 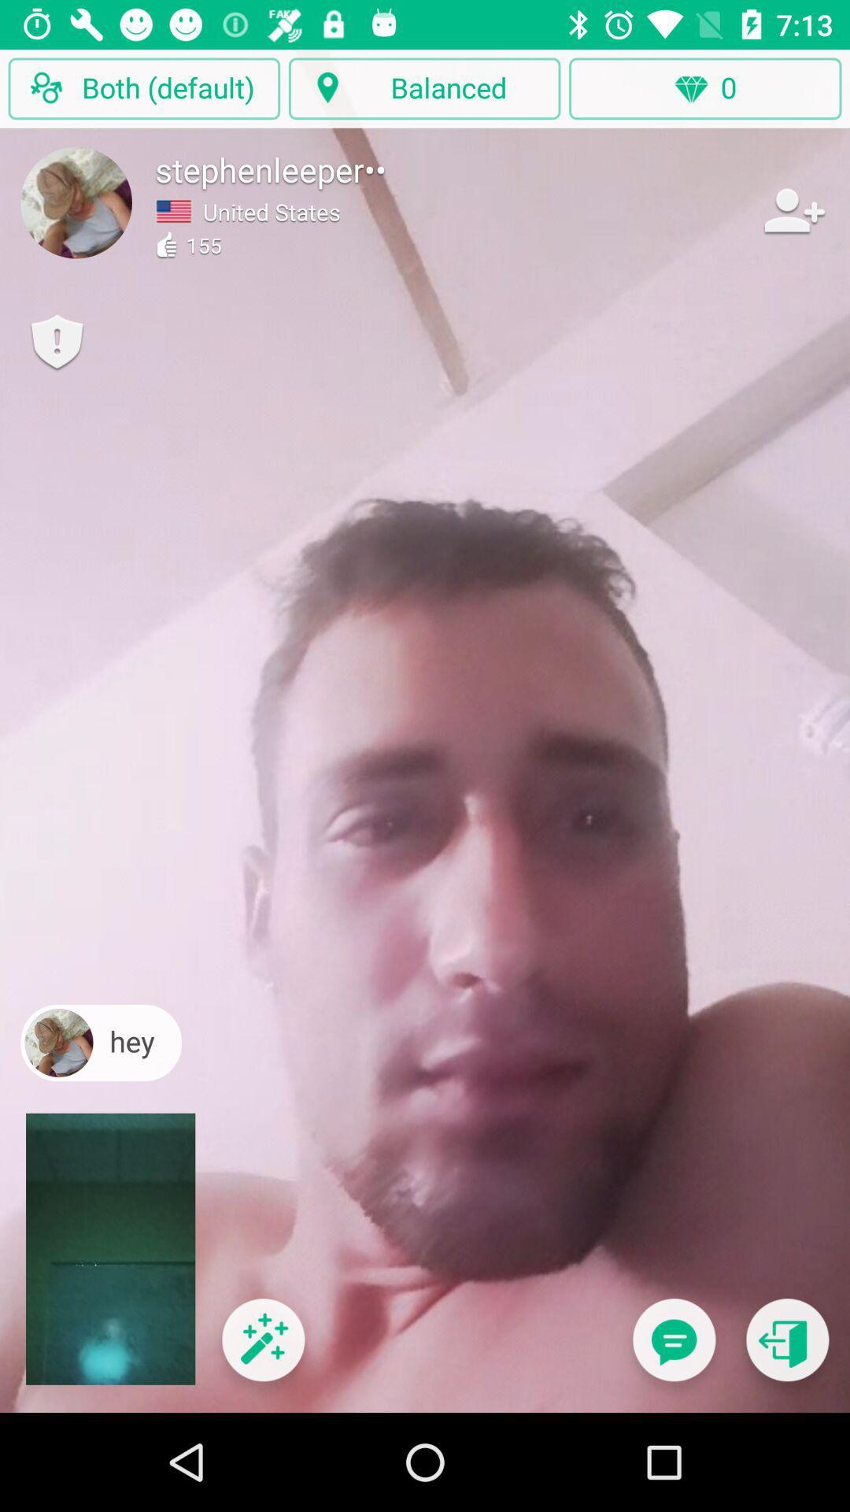 I want to click on the avatar icon, so click(x=76, y=202).